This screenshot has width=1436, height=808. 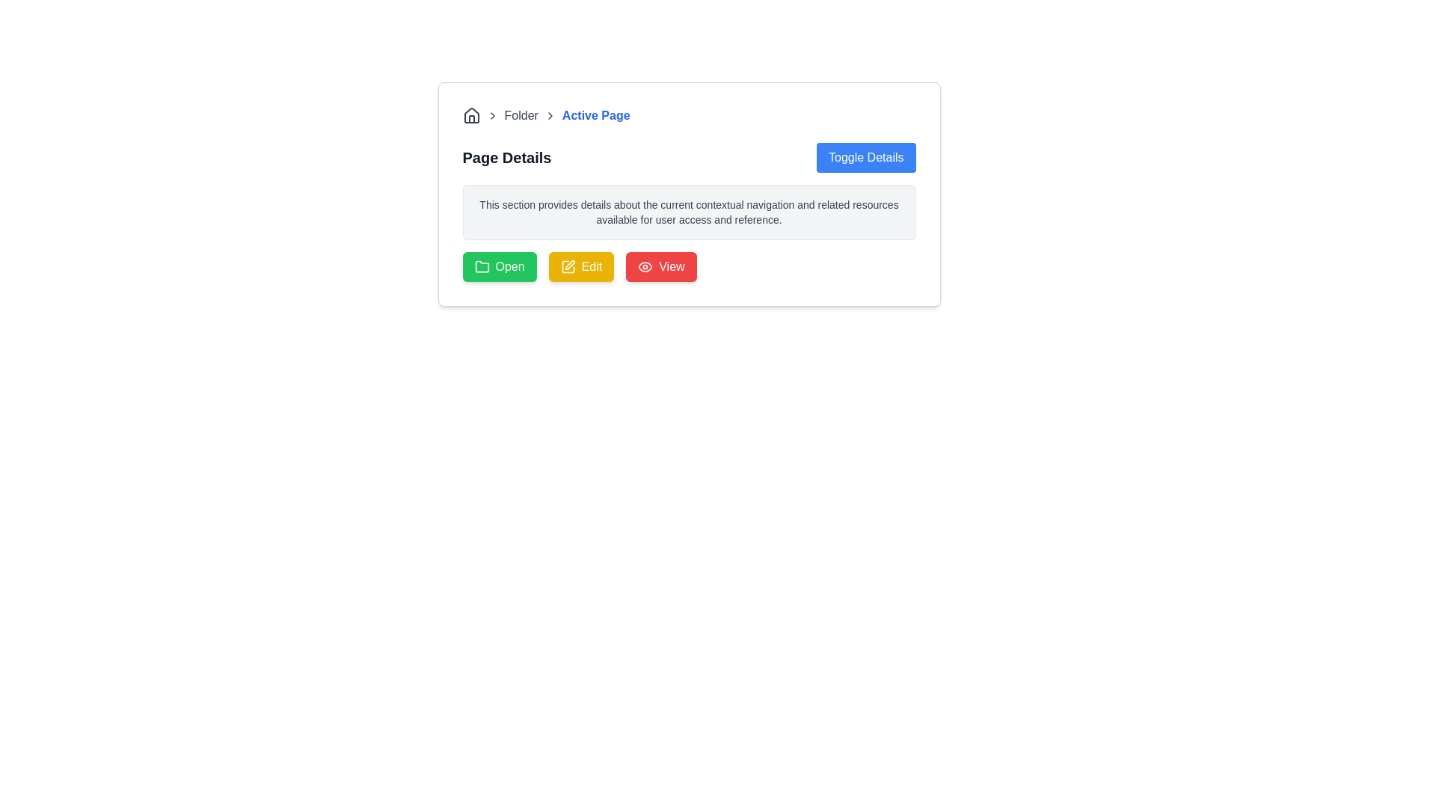 What do you see at coordinates (549, 114) in the screenshot?
I see `the chevron icon in the breadcrumb navigation bar, which is the third separator between 'Folder' and 'Active Page'` at bounding box center [549, 114].